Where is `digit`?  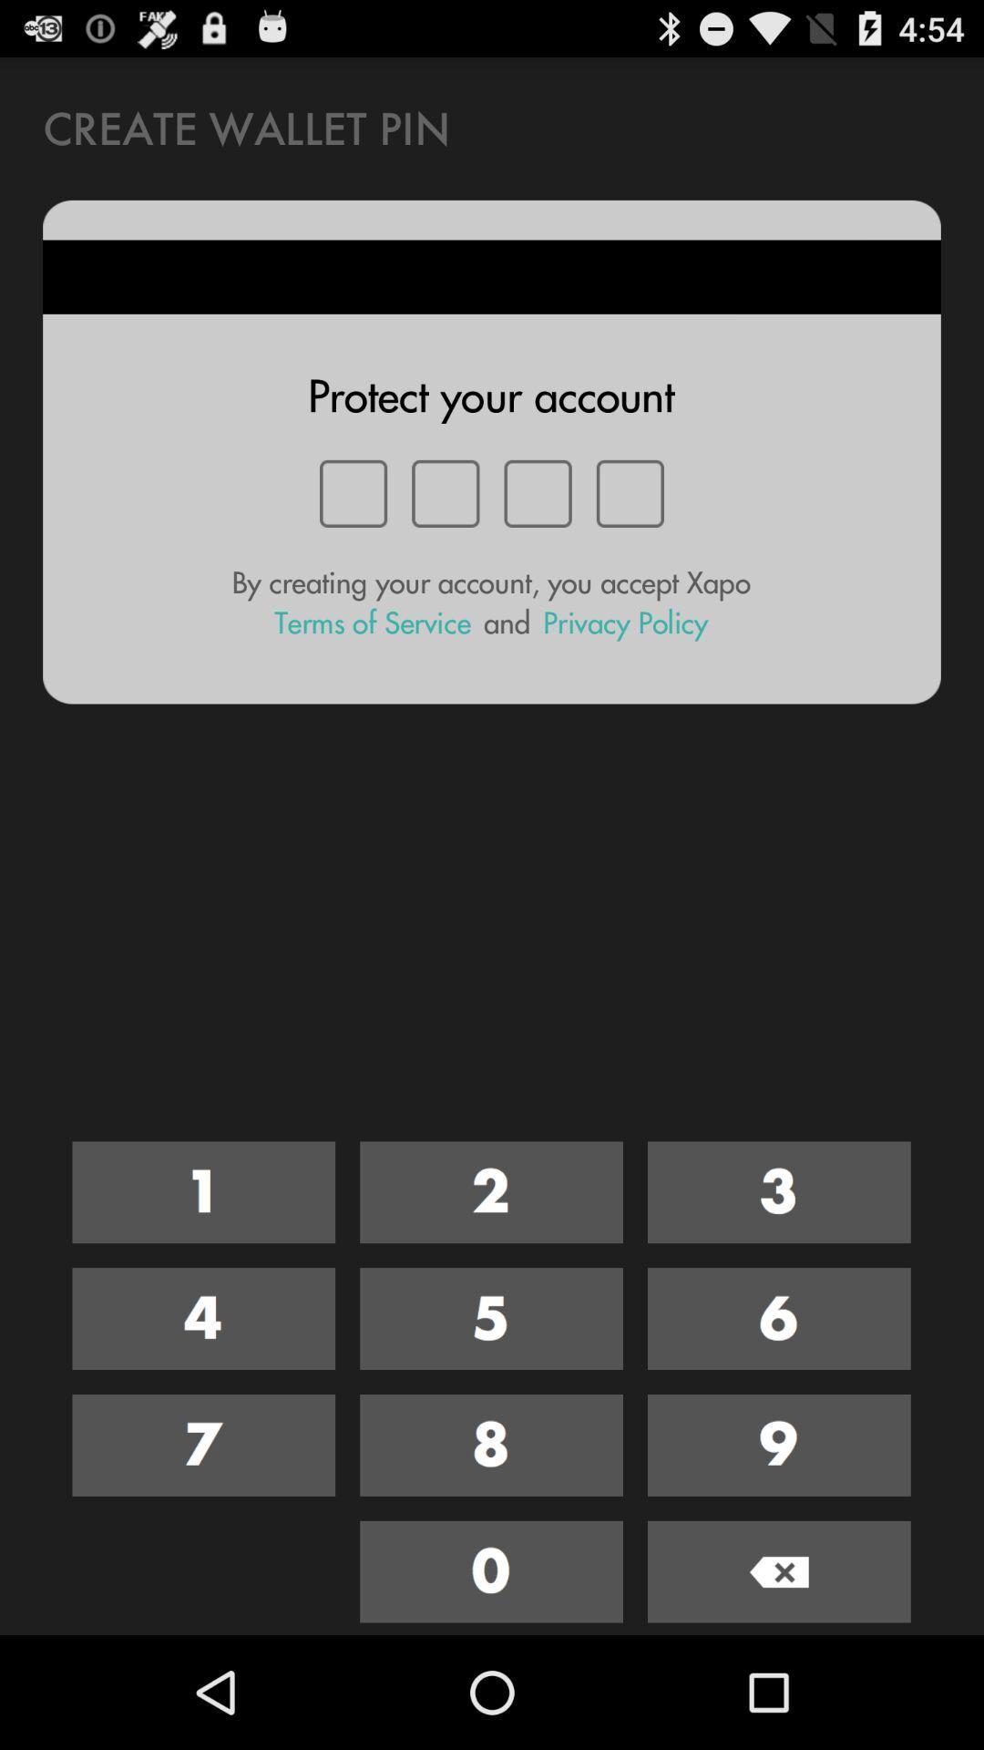
digit is located at coordinates (203, 1444).